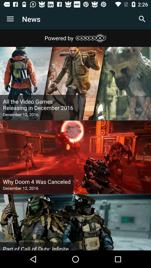  Describe the element at coordinates (142, 19) in the screenshot. I see `app to the right of the news icon` at that location.